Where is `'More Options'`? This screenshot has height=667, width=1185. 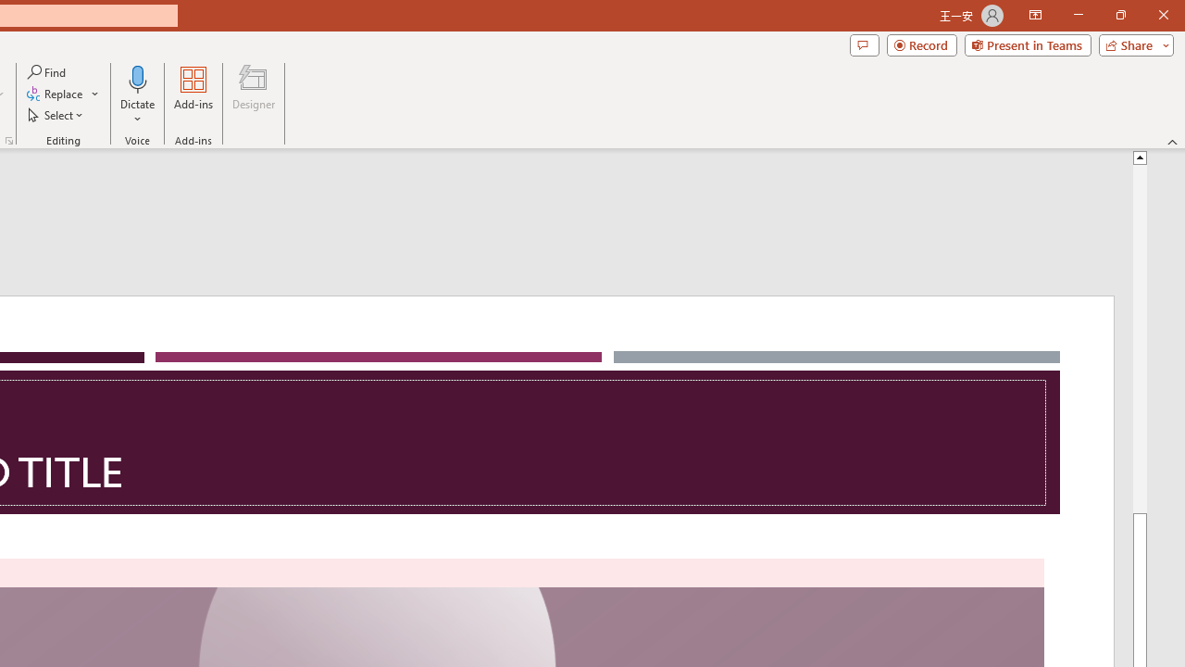
'More Options' is located at coordinates (137, 112).